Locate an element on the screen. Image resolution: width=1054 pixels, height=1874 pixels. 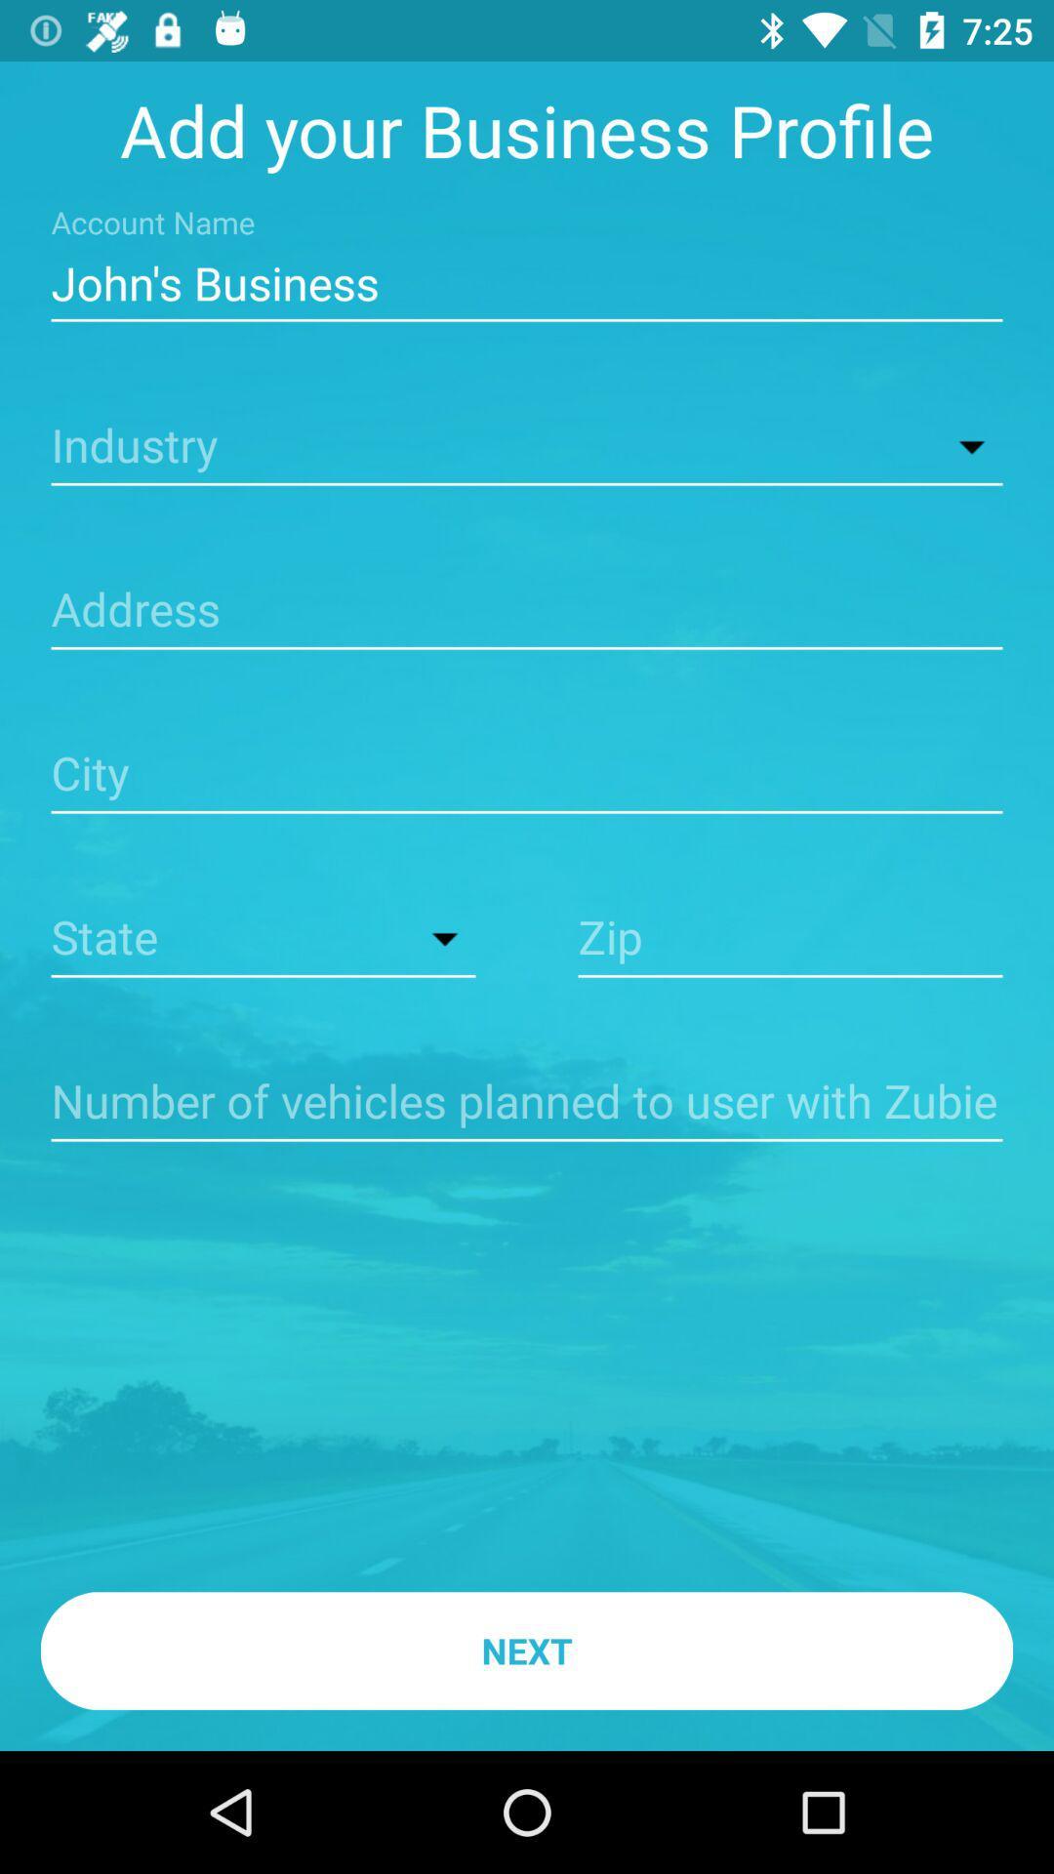
city is located at coordinates (527, 775).